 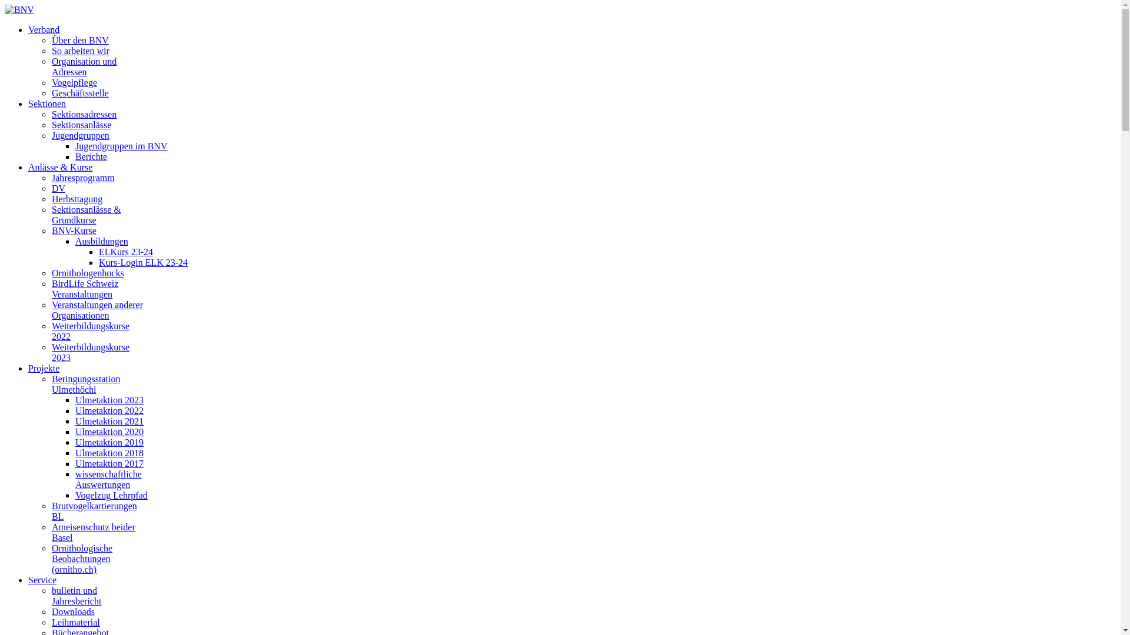 I want to click on 'Weiterbildungskurse 2022', so click(x=51, y=331).